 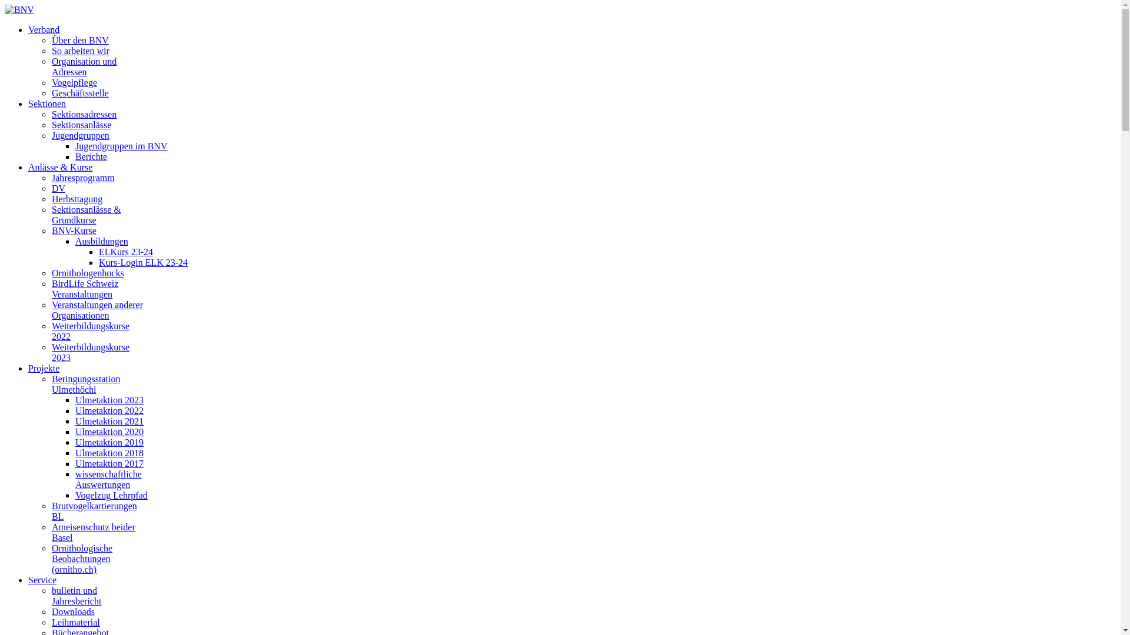 I want to click on 'Weiterbildungskurse 2022', so click(x=51, y=331).